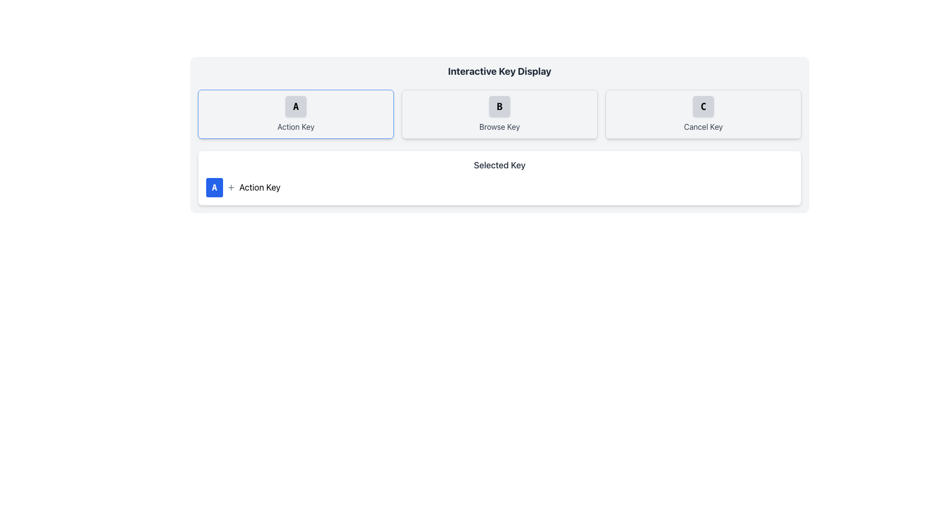 This screenshot has height=521, width=927. Describe the element at coordinates (295, 106) in the screenshot. I see `the static text display showing the letter 'A' in bold monospaced font, which is positioned above the 'Action Key' label` at that location.